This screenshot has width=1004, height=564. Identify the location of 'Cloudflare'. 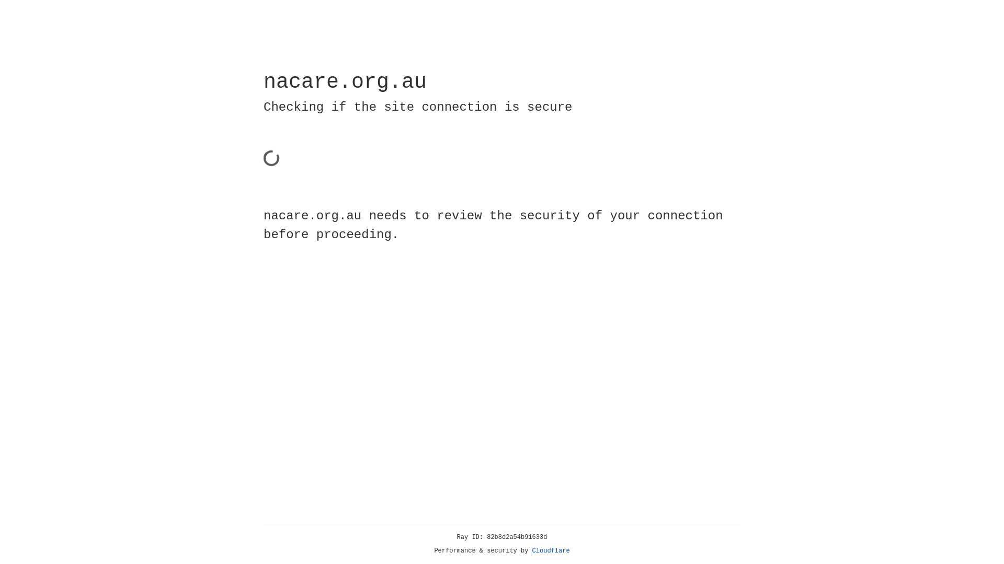
(551, 550).